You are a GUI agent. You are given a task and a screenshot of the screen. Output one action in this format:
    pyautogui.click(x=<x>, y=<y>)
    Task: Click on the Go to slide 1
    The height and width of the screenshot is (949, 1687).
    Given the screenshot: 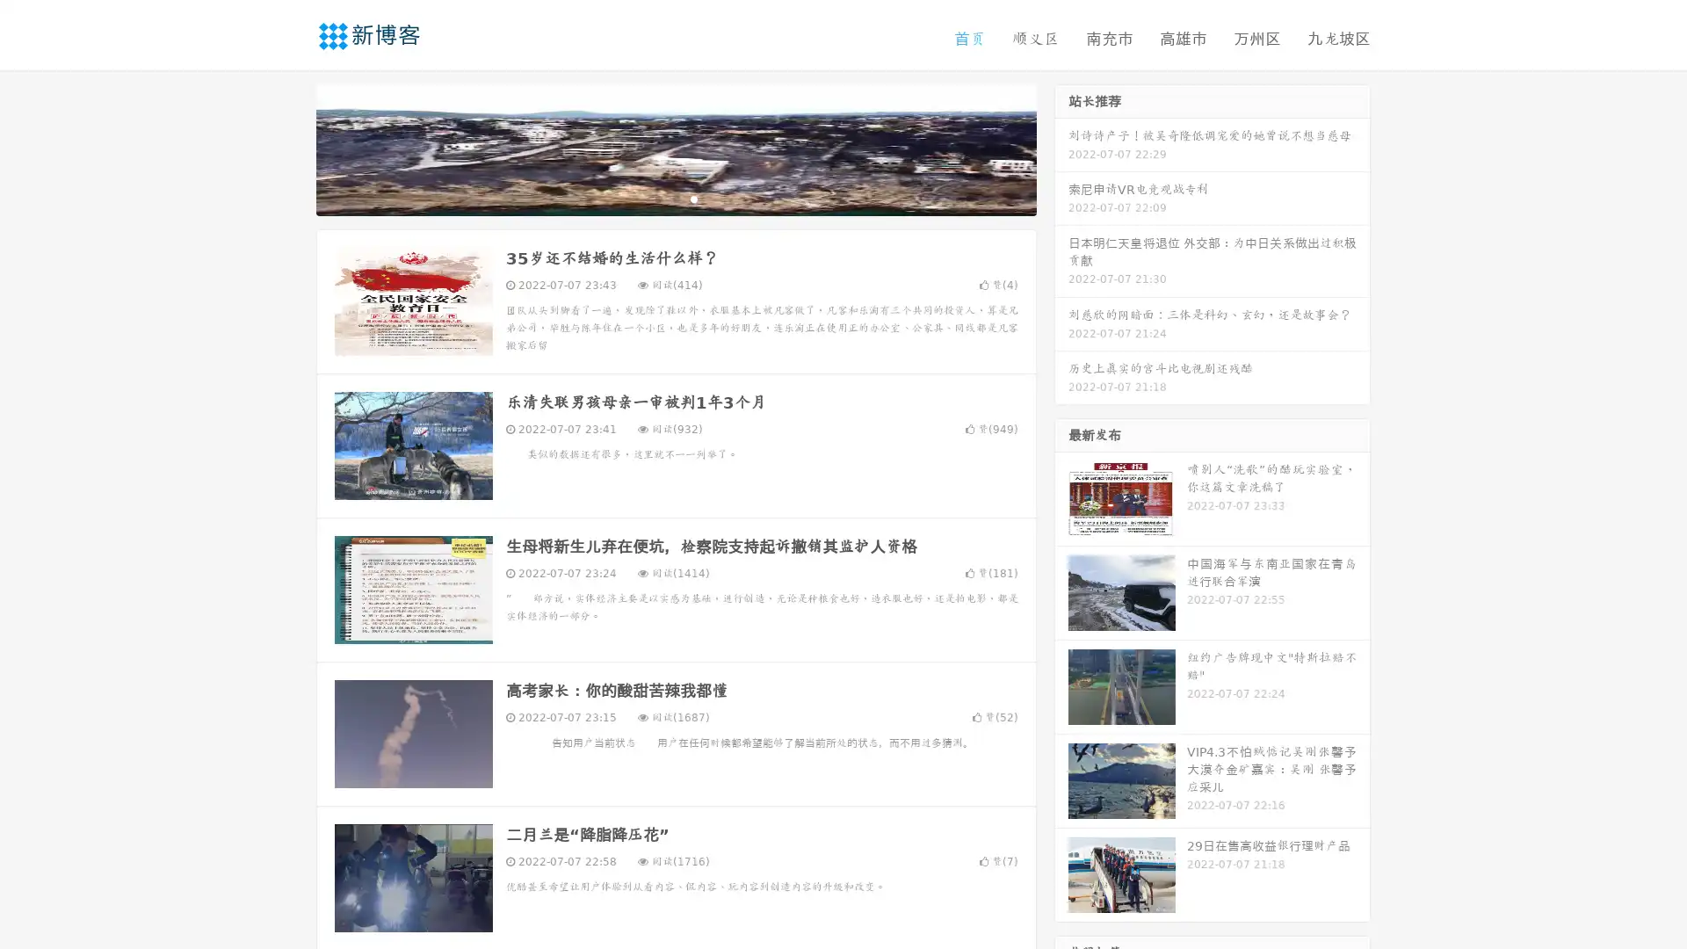 What is the action you would take?
    pyautogui.click(x=657, y=198)
    